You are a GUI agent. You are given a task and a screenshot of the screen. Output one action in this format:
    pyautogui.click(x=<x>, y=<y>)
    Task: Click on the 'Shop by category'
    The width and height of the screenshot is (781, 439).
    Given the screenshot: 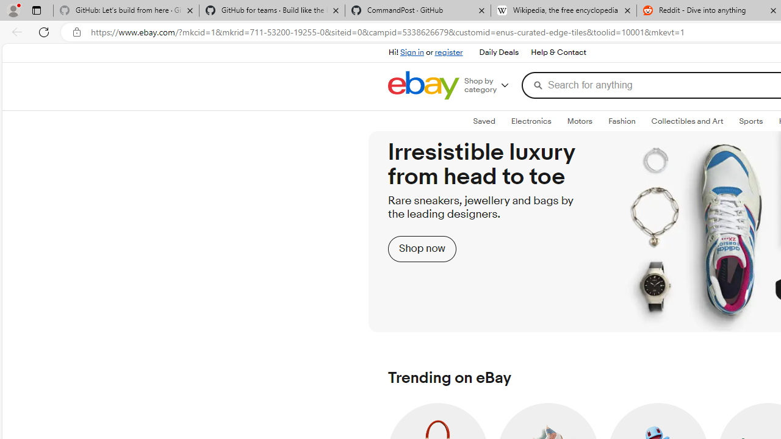 What is the action you would take?
    pyautogui.click(x=491, y=85)
    